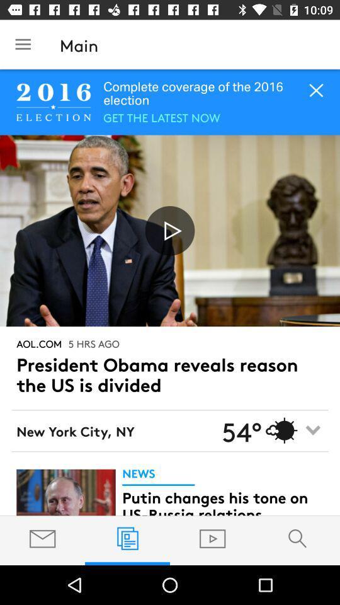 Image resolution: width=340 pixels, height=605 pixels. Describe the element at coordinates (161, 117) in the screenshot. I see `the text get the latest now` at that location.